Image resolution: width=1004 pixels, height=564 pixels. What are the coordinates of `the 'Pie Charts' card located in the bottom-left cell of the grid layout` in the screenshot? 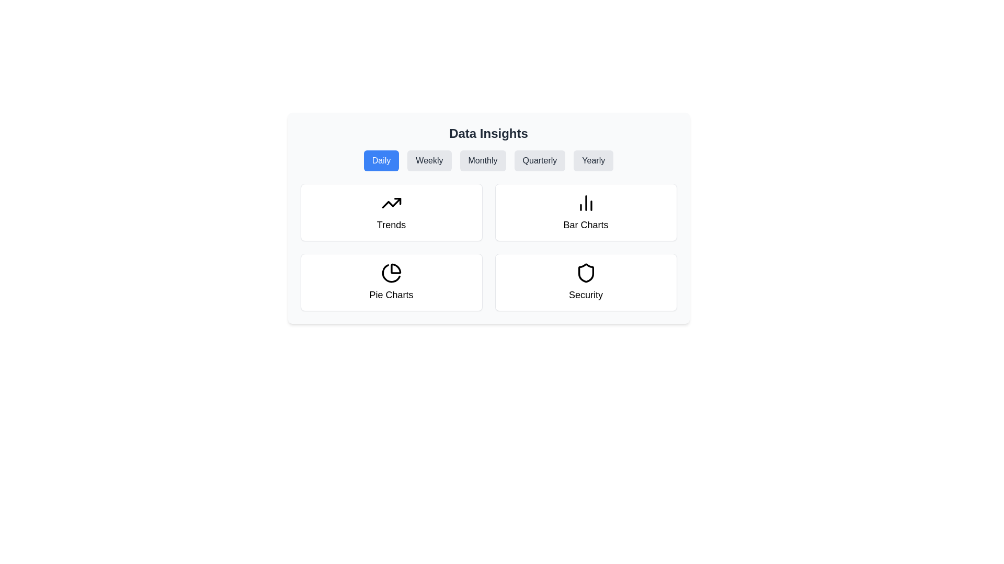 It's located at (391, 282).